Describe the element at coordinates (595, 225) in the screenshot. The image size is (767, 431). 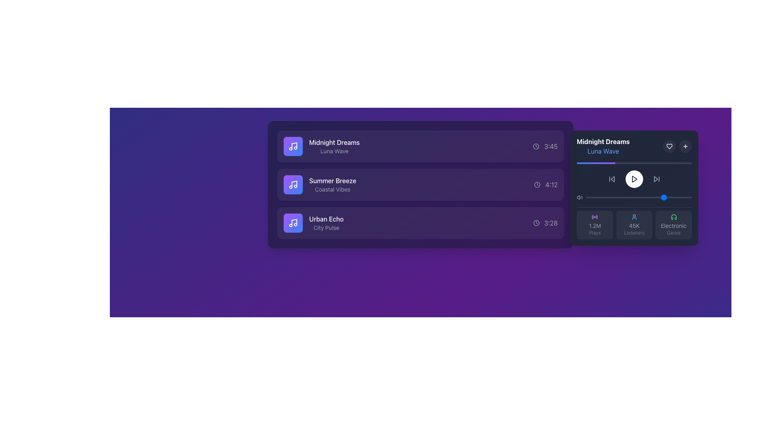
I see `the Informational display box with a dark background containing a purple wireless icon and text '1.2M' and 'Plays', located at the bottom-right corner of the interface` at that location.